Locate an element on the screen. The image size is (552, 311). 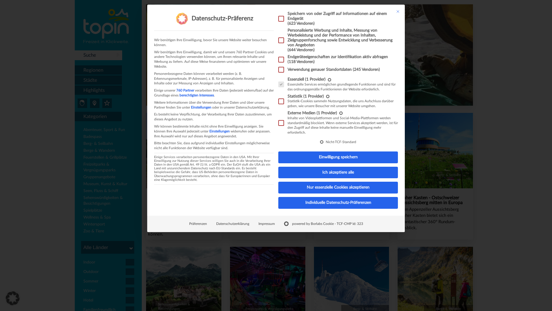
'760 Partner' is located at coordinates (185, 90).